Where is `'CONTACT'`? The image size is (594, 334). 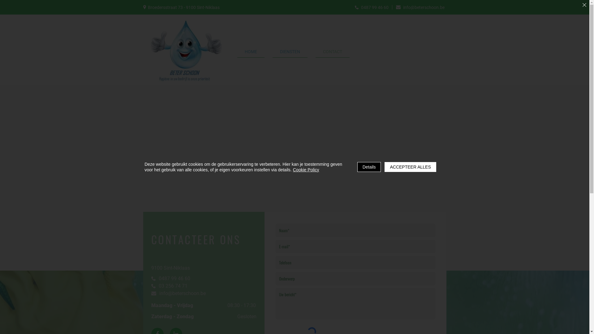 'CONTACT' is located at coordinates (332, 52).